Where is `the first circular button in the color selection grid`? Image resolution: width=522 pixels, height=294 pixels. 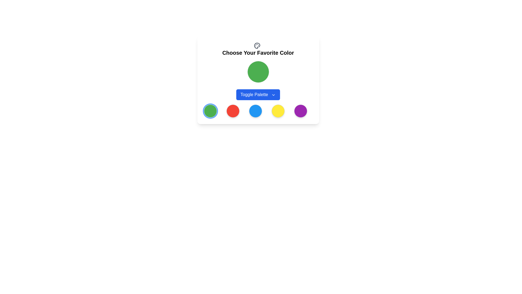 the first circular button in the color selection grid is located at coordinates (210, 111).